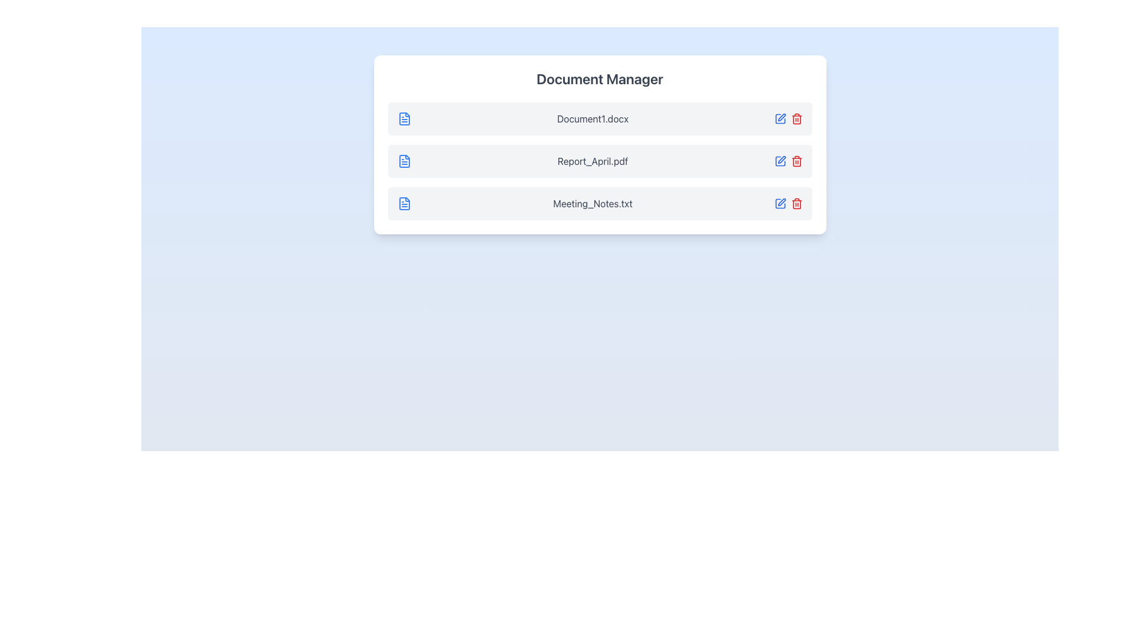  I want to click on the text label displaying the filename 'Document1.docx', so click(593, 118).